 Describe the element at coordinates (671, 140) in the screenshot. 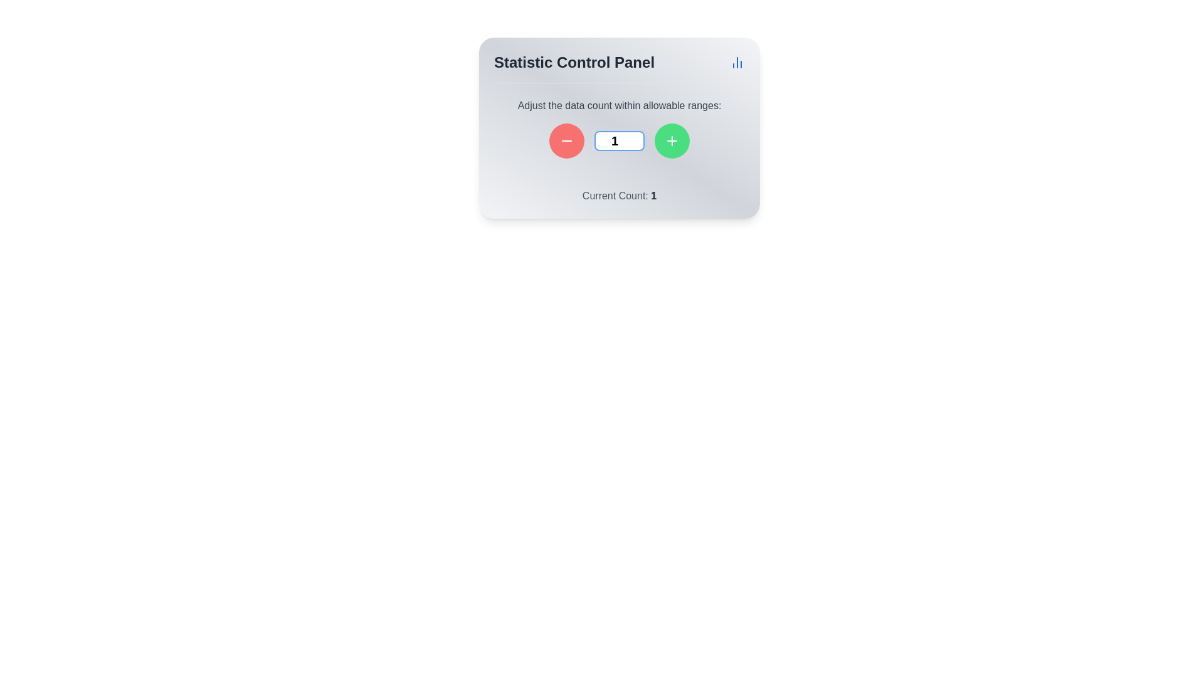

I see `the plus icon within the green circular button located to the right of the numeric input field labeled '1' in the Statistic Control Panel` at that location.